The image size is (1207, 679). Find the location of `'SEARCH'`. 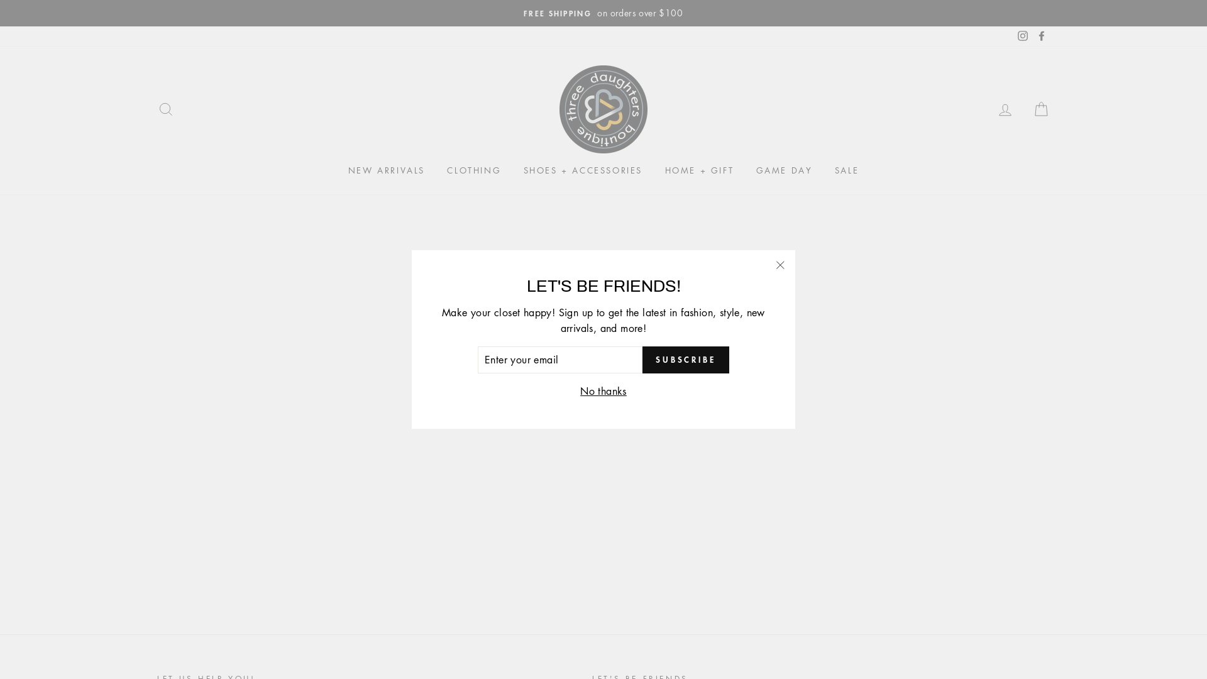

'SEARCH' is located at coordinates (165, 108).